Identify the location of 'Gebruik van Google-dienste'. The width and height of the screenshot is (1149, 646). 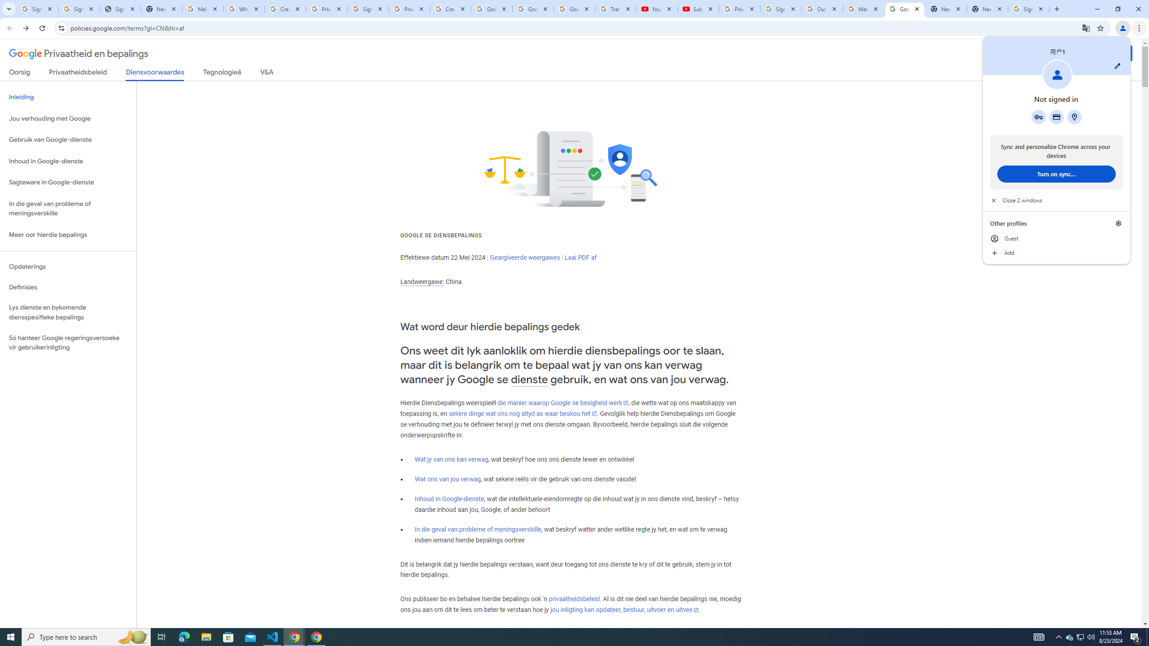
(68, 139).